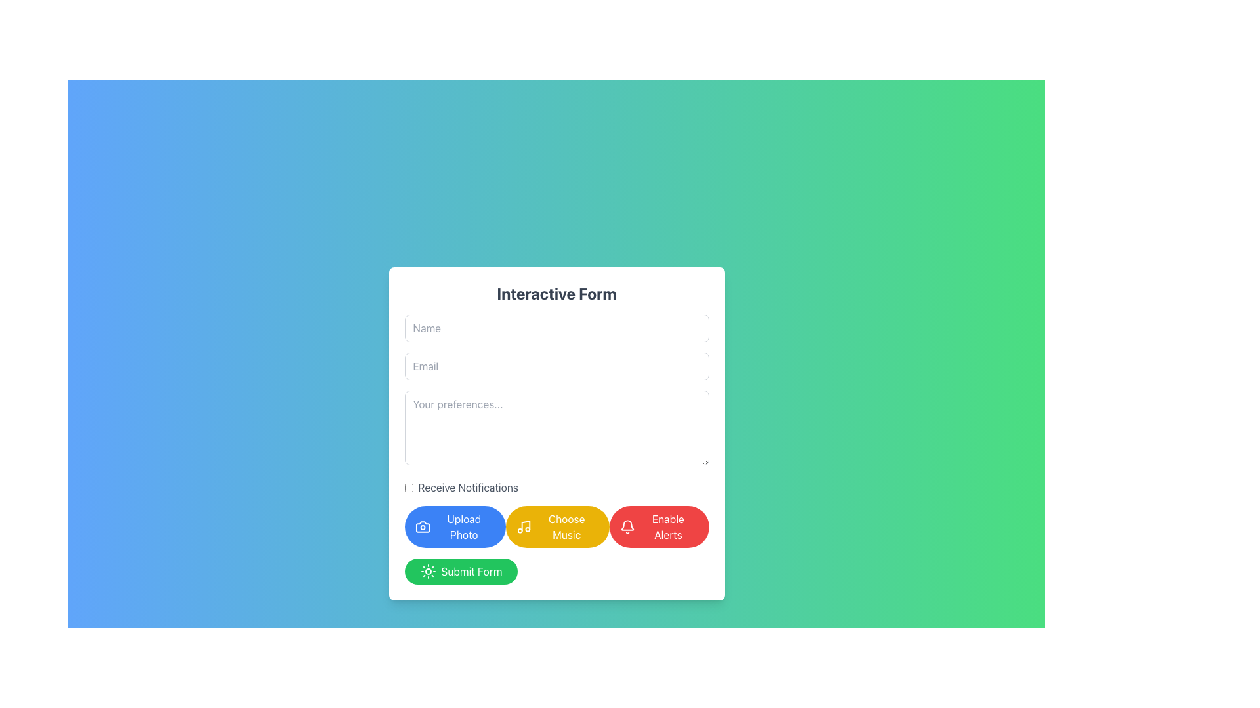 The height and width of the screenshot is (708, 1260). I want to click on the button located between the blue 'Upload Photo' button and the red 'Enable Alerts' button at the bottom of the form to choose music, so click(558, 526).